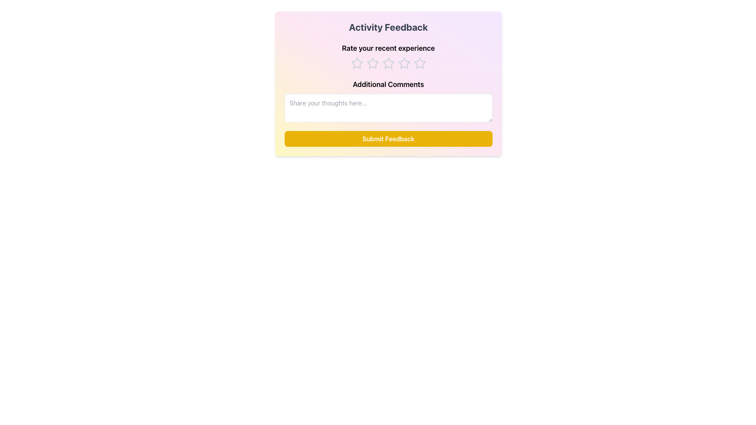 Image resolution: width=756 pixels, height=425 pixels. What do you see at coordinates (388, 63) in the screenshot?
I see `the third unfilled star icon in the rating system under the 'Rate your recent experience' section` at bounding box center [388, 63].